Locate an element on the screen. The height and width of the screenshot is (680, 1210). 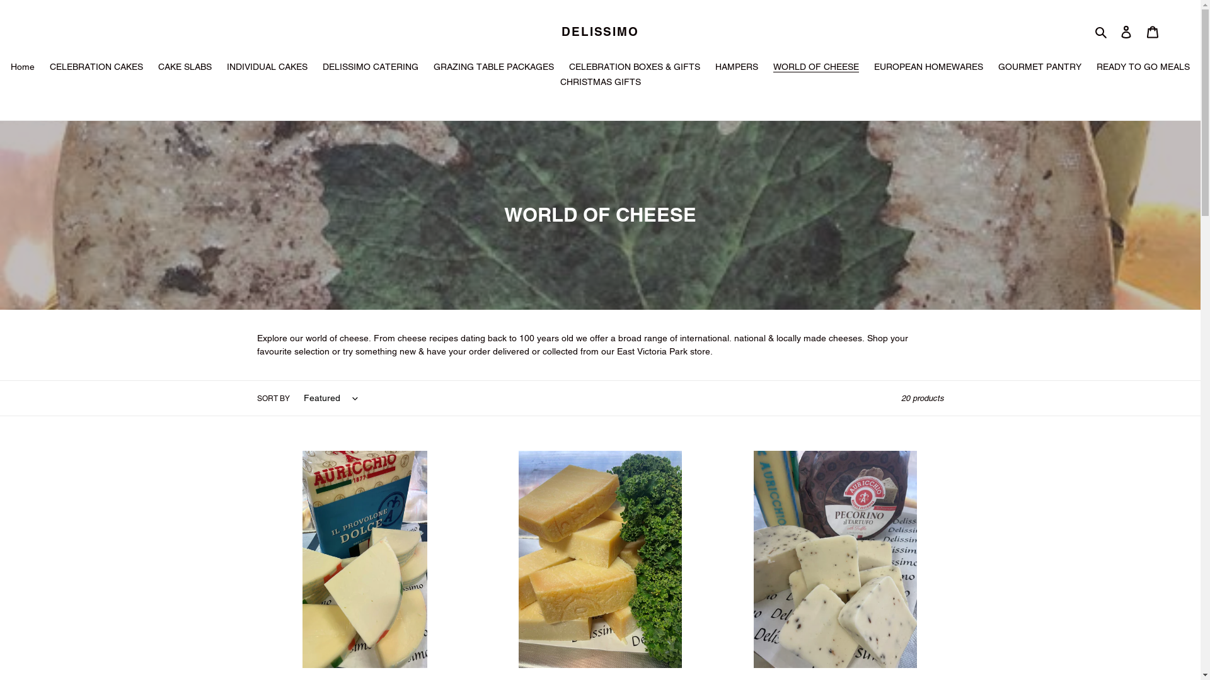
'DELISSIMO' is located at coordinates (599, 31).